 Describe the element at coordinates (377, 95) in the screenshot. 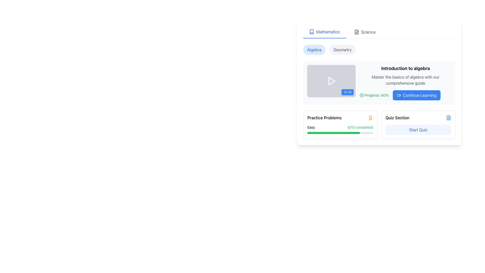

I see `the text label that displays the progress percentage in the 'Introduction to algebra' section, located to the right of the green check circle icon and above the 'Continue Learning' button` at that location.